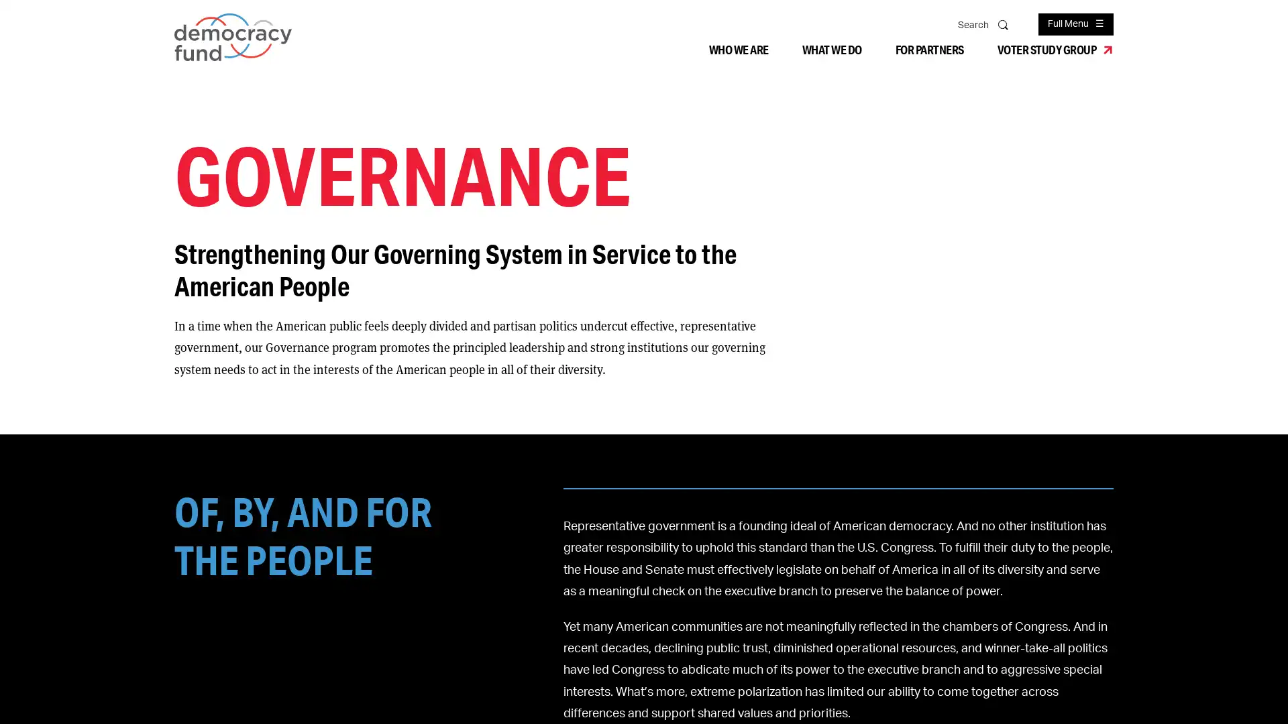  What do you see at coordinates (1004, 23) in the screenshot?
I see `Search` at bounding box center [1004, 23].